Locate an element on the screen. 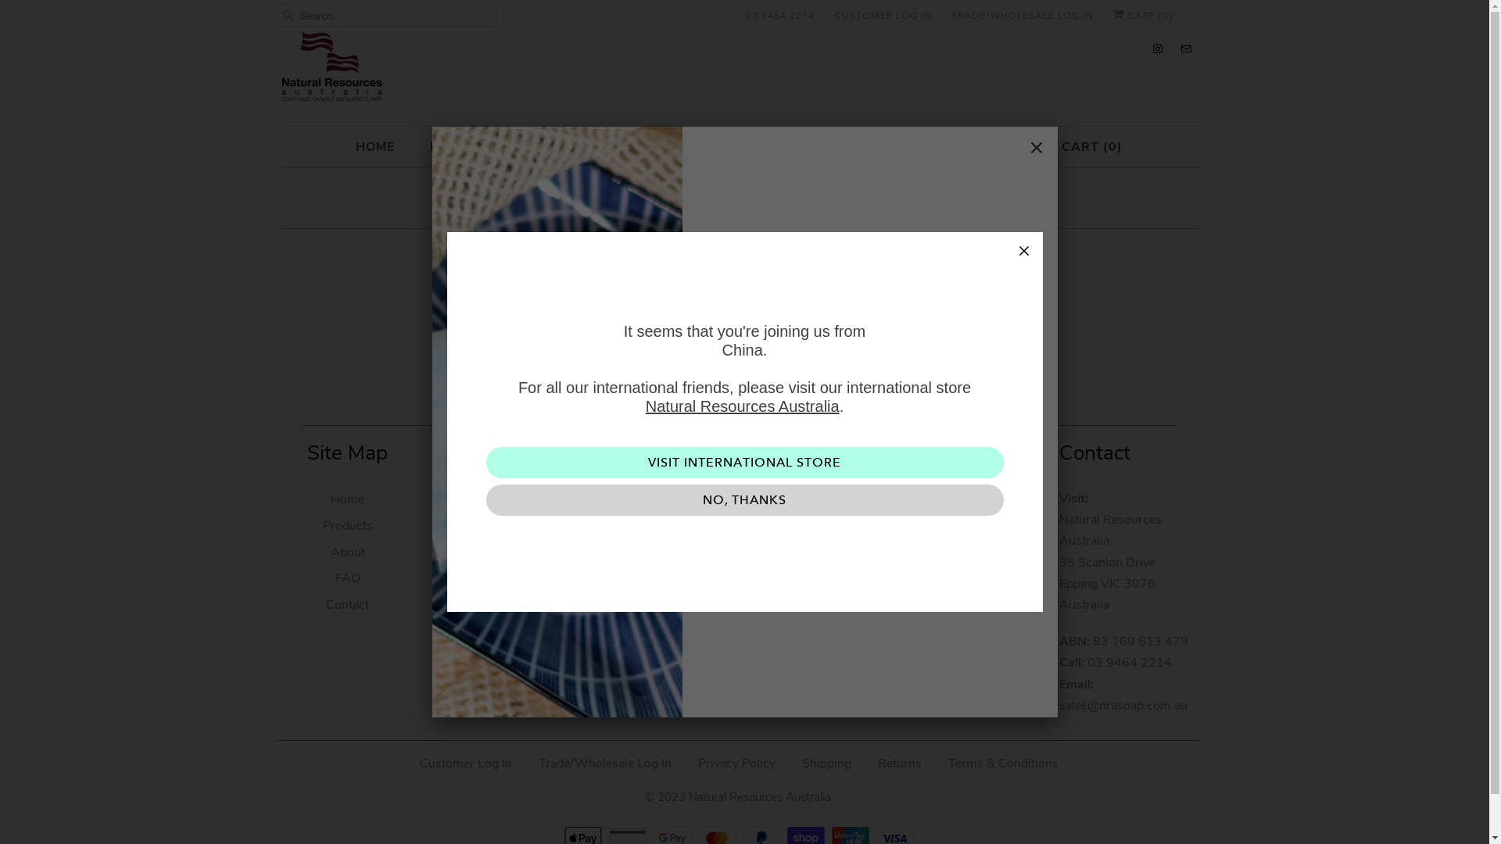 The width and height of the screenshot is (1501, 844). 'Natural Resources Australia on Instagram' is located at coordinates (801, 635).